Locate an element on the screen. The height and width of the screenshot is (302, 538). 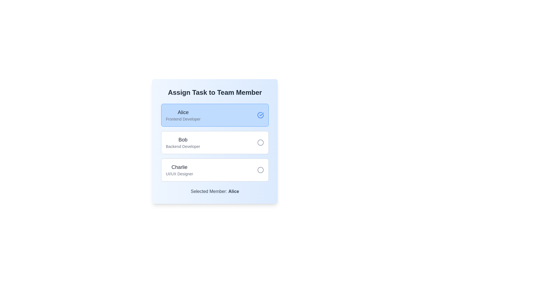
the text label displaying 'Alice' which is part of the sentence 'Selected Member: Alice', located towards the lower part of the interface is located at coordinates (234, 191).